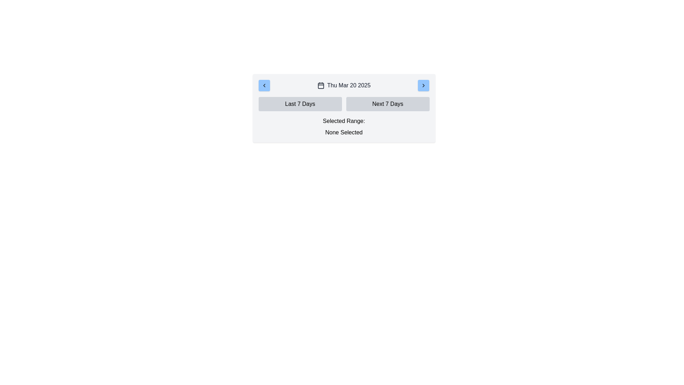  I want to click on the chevron-left icon button in the top-left corner of the modal, so click(264, 85).